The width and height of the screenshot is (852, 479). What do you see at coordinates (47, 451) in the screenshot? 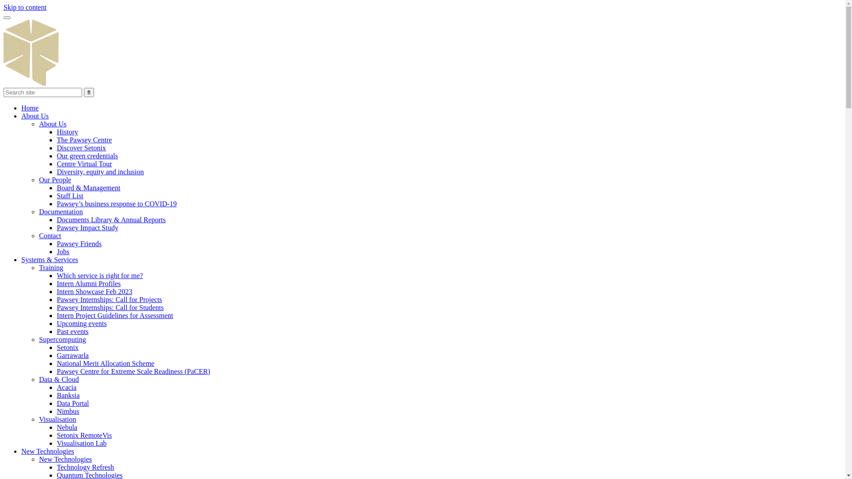
I see `'New Technologies'` at bounding box center [47, 451].